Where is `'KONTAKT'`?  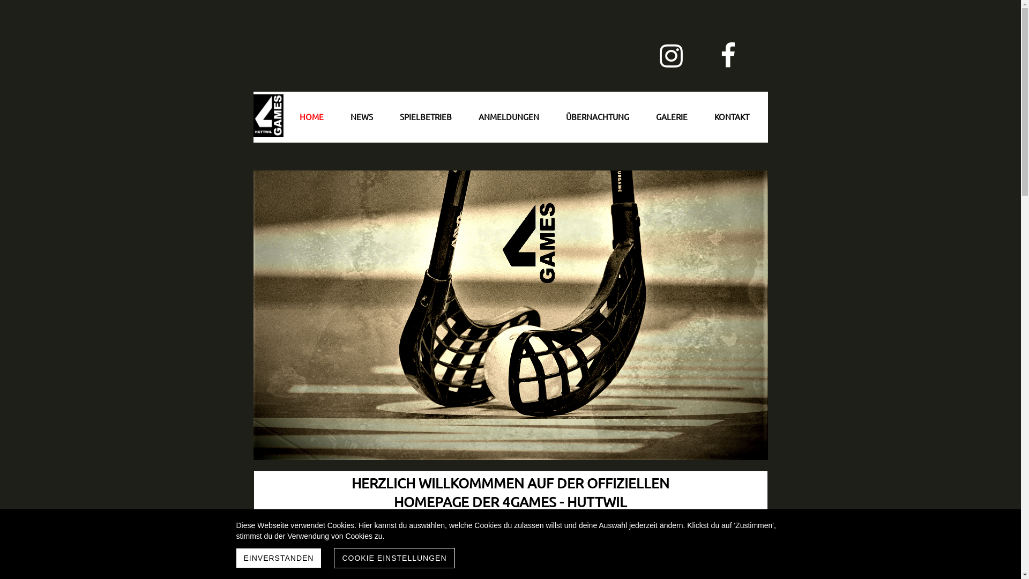 'KONTAKT' is located at coordinates (731, 116).